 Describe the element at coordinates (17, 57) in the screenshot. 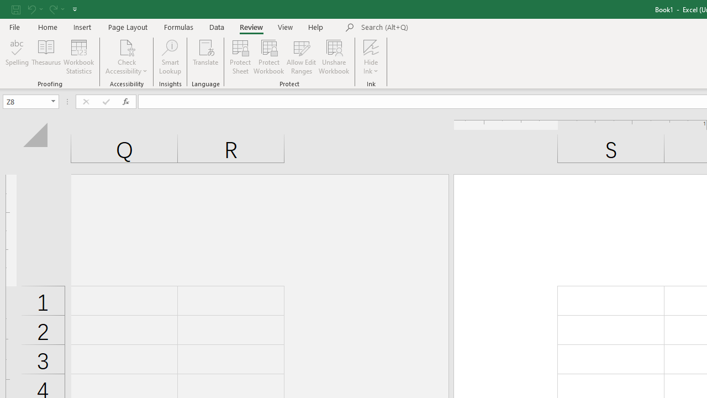

I see `'Spelling...'` at that location.